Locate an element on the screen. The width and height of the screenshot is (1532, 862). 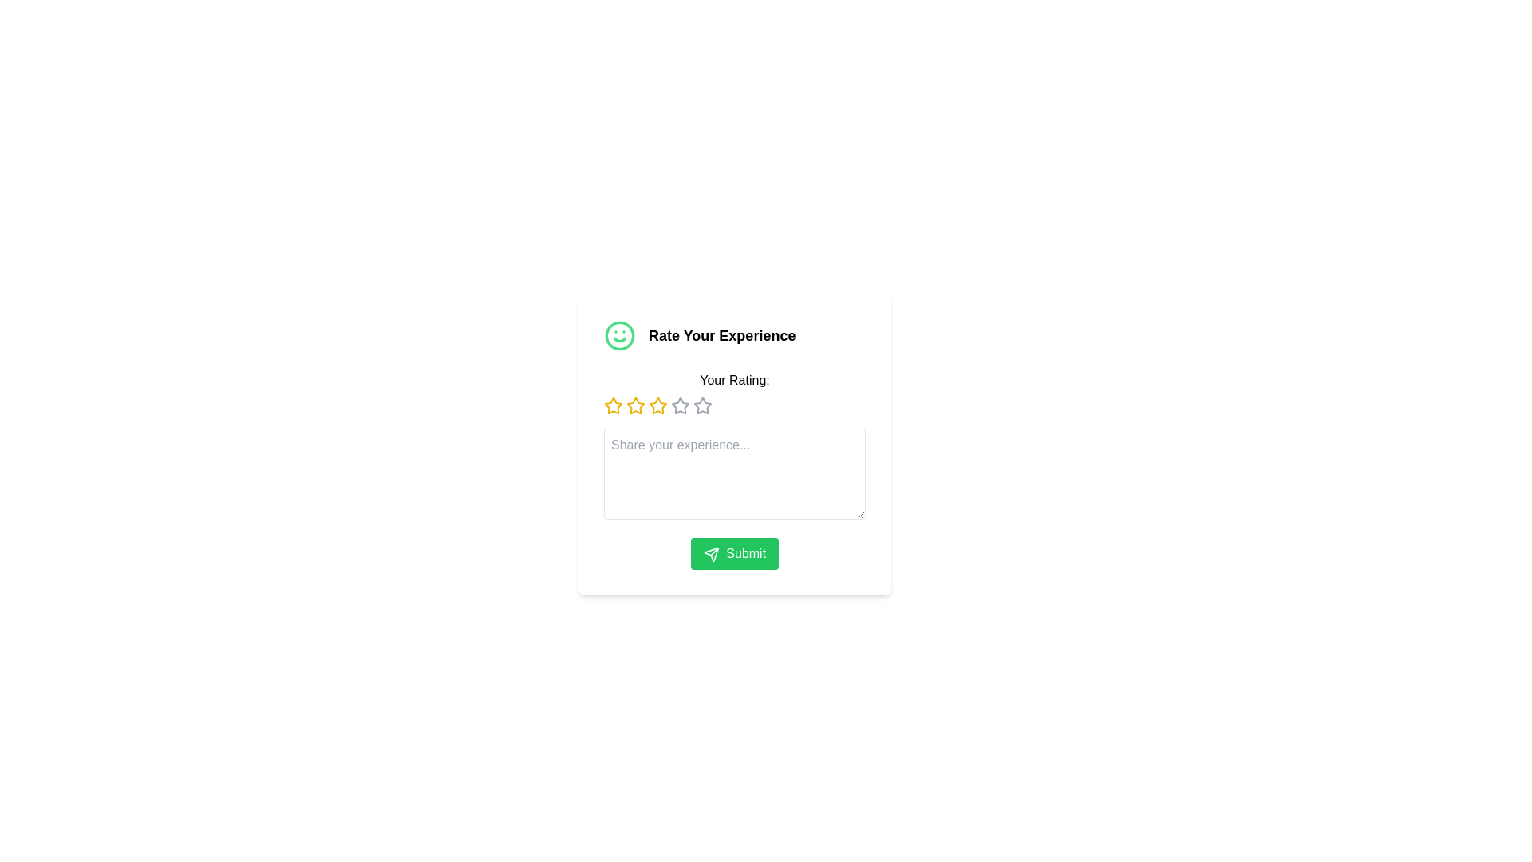
the Rating bar with interactive stars located beneath the 'Your Rating:' section is located at coordinates (734, 405).